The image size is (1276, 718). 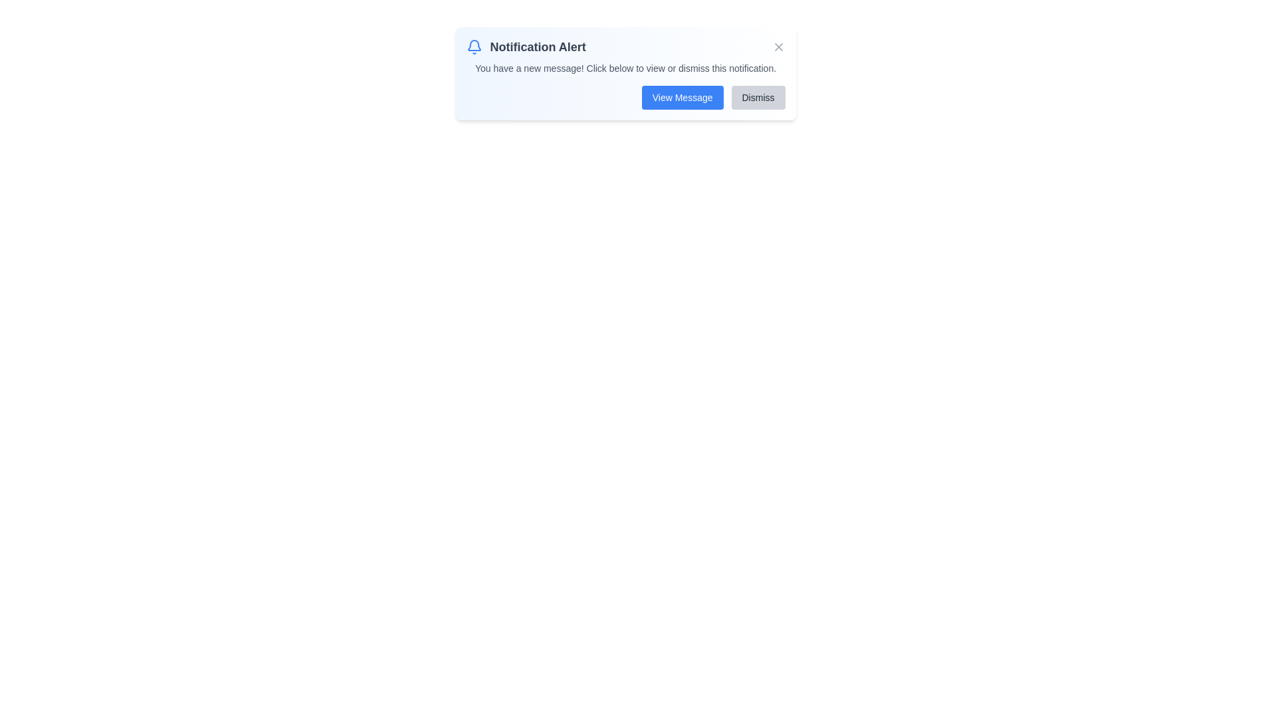 What do you see at coordinates (778, 46) in the screenshot?
I see `the close button to trigger its hover effect` at bounding box center [778, 46].